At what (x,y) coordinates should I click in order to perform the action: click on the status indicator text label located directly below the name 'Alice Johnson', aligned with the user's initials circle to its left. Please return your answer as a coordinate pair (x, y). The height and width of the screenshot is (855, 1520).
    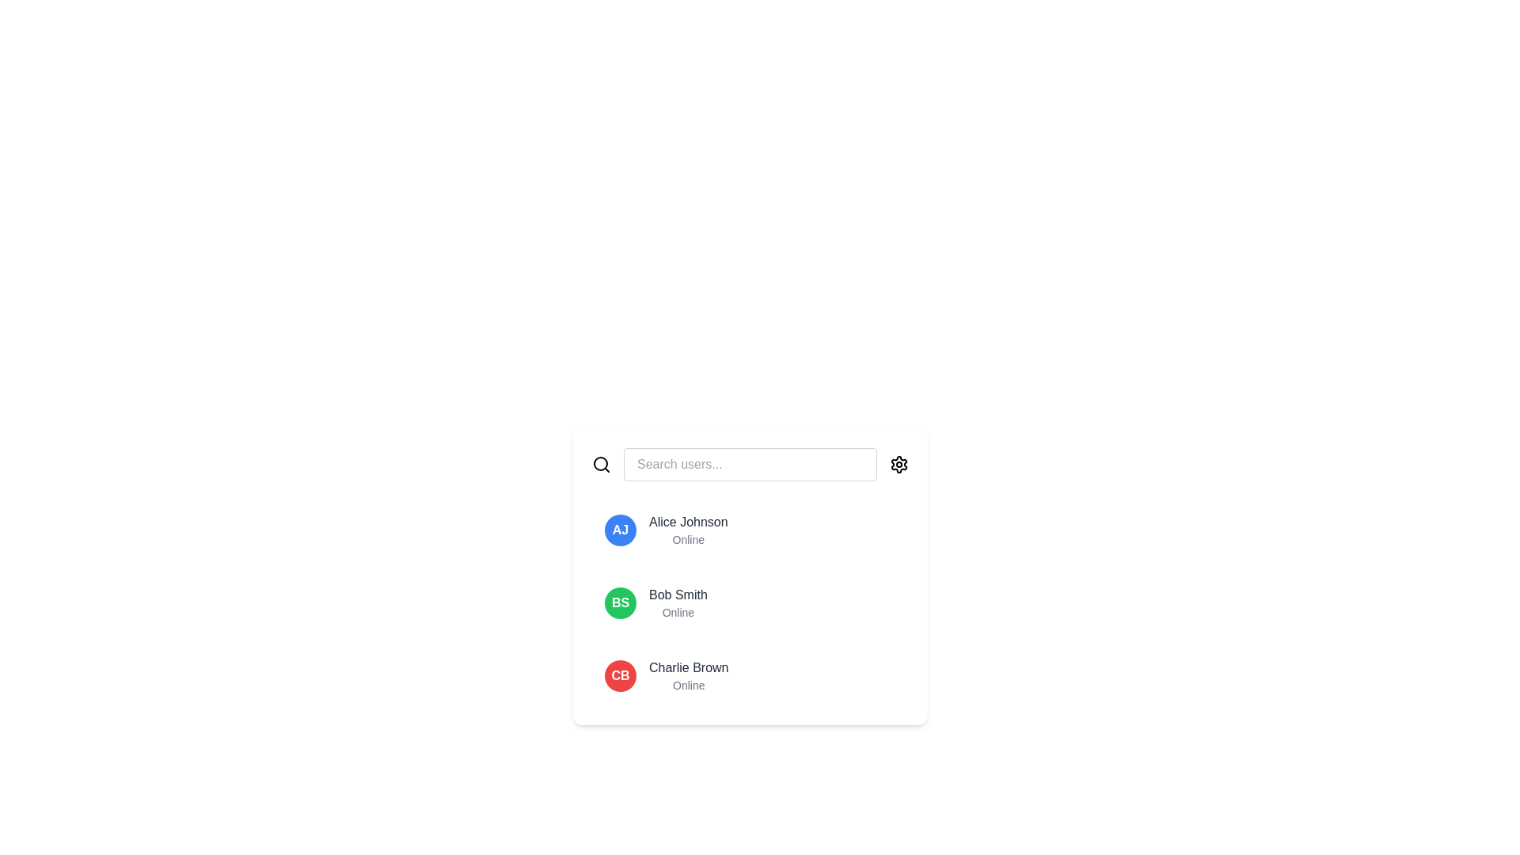
    Looking at the image, I should click on (688, 539).